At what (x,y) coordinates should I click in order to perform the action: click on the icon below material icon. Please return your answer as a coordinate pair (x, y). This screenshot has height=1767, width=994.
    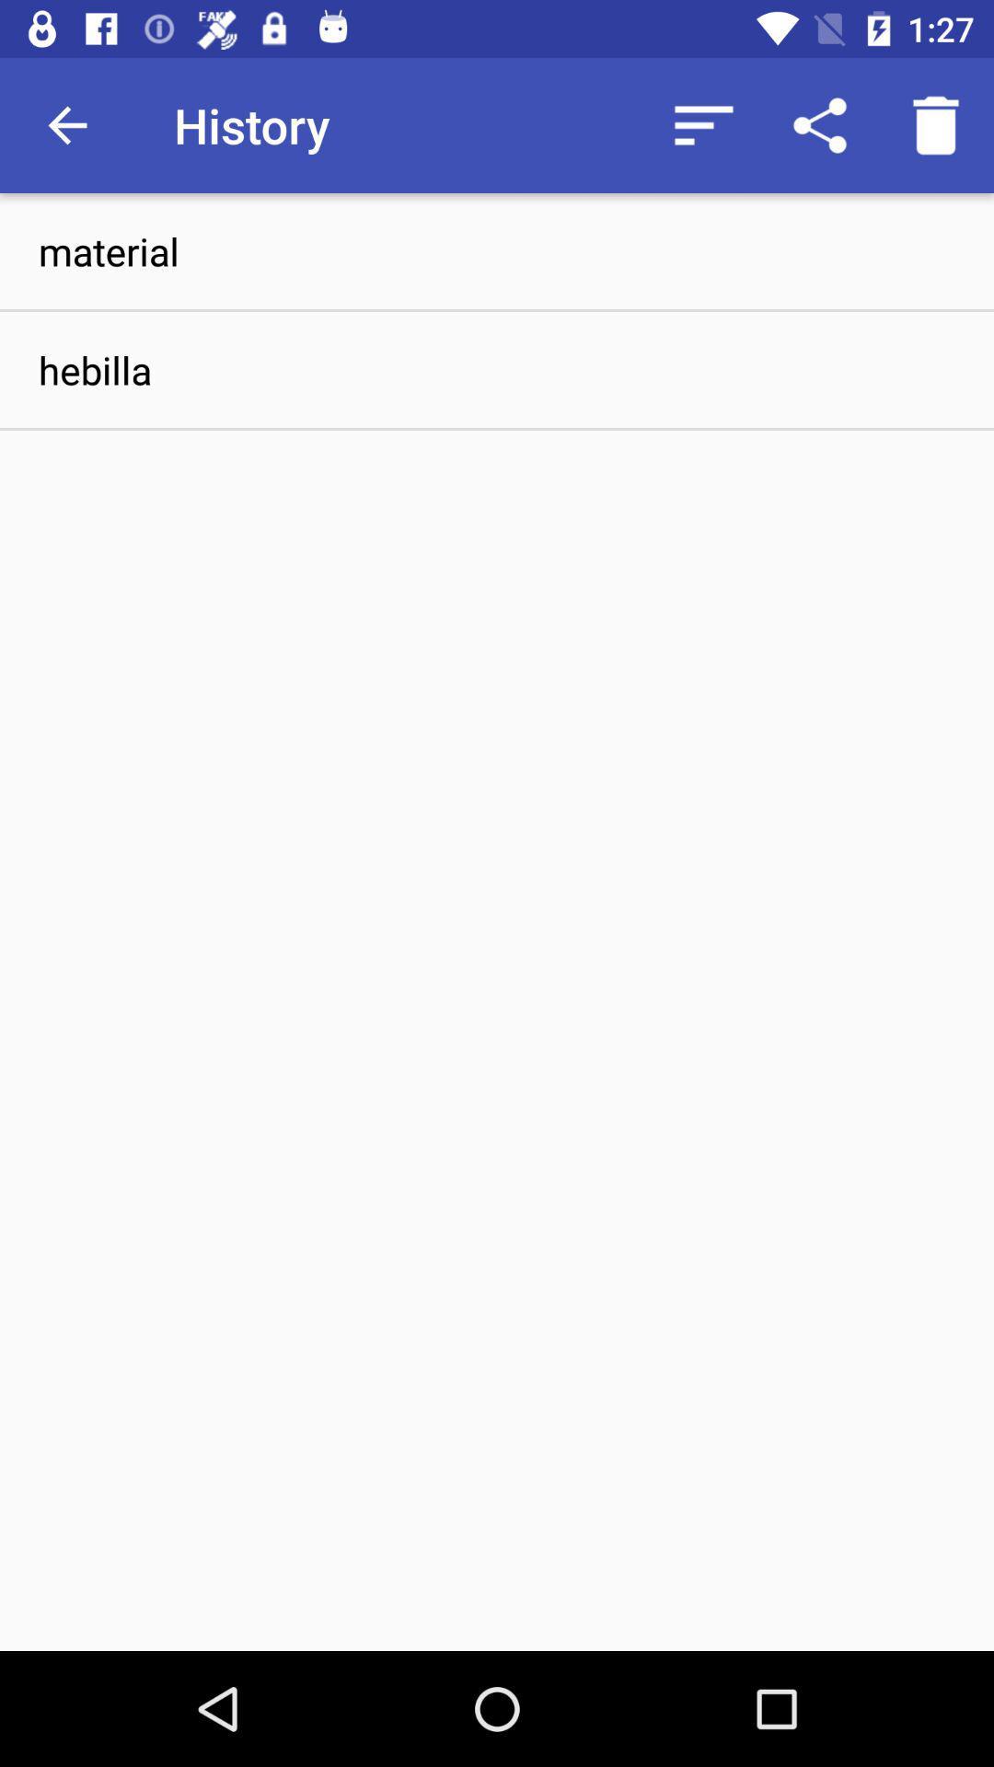
    Looking at the image, I should click on (497, 369).